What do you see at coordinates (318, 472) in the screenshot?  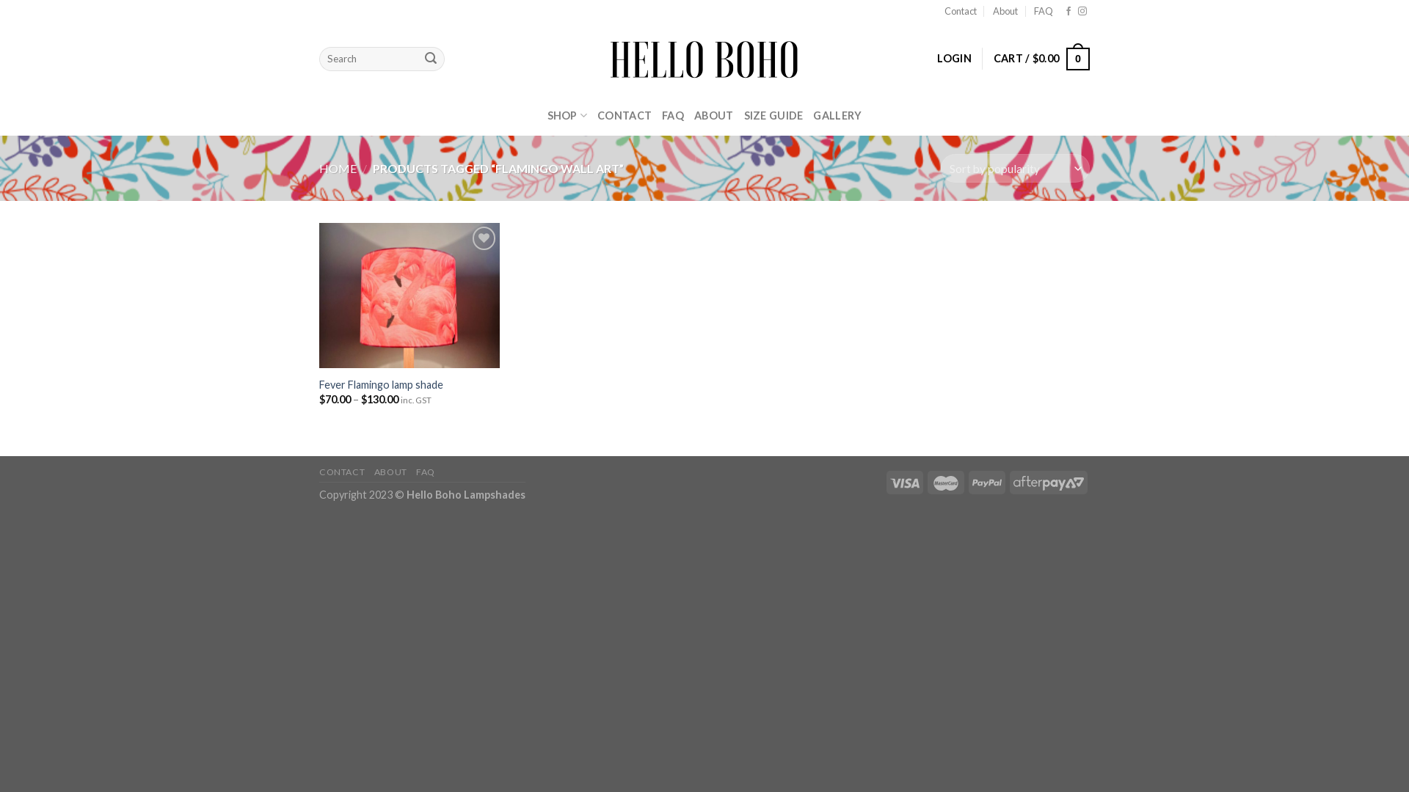 I see `'CONTACT'` at bounding box center [318, 472].